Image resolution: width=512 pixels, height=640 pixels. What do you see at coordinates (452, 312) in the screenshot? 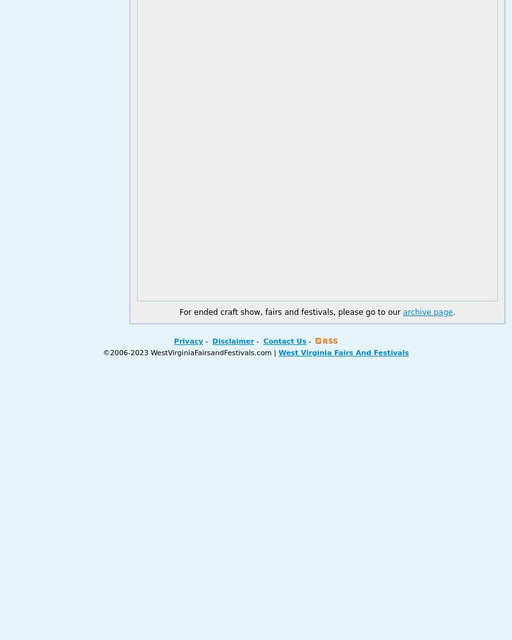
I see `'.'` at bounding box center [452, 312].